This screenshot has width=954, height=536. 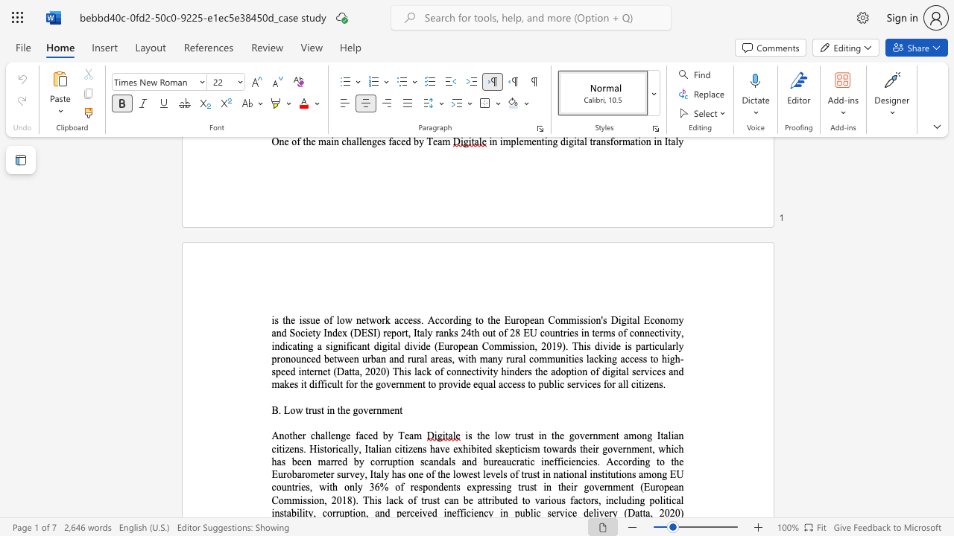 What do you see at coordinates (316, 410) in the screenshot?
I see `the subset text "st in the g" within the text "B. Low trust in the government"` at bounding box center [316, 410].